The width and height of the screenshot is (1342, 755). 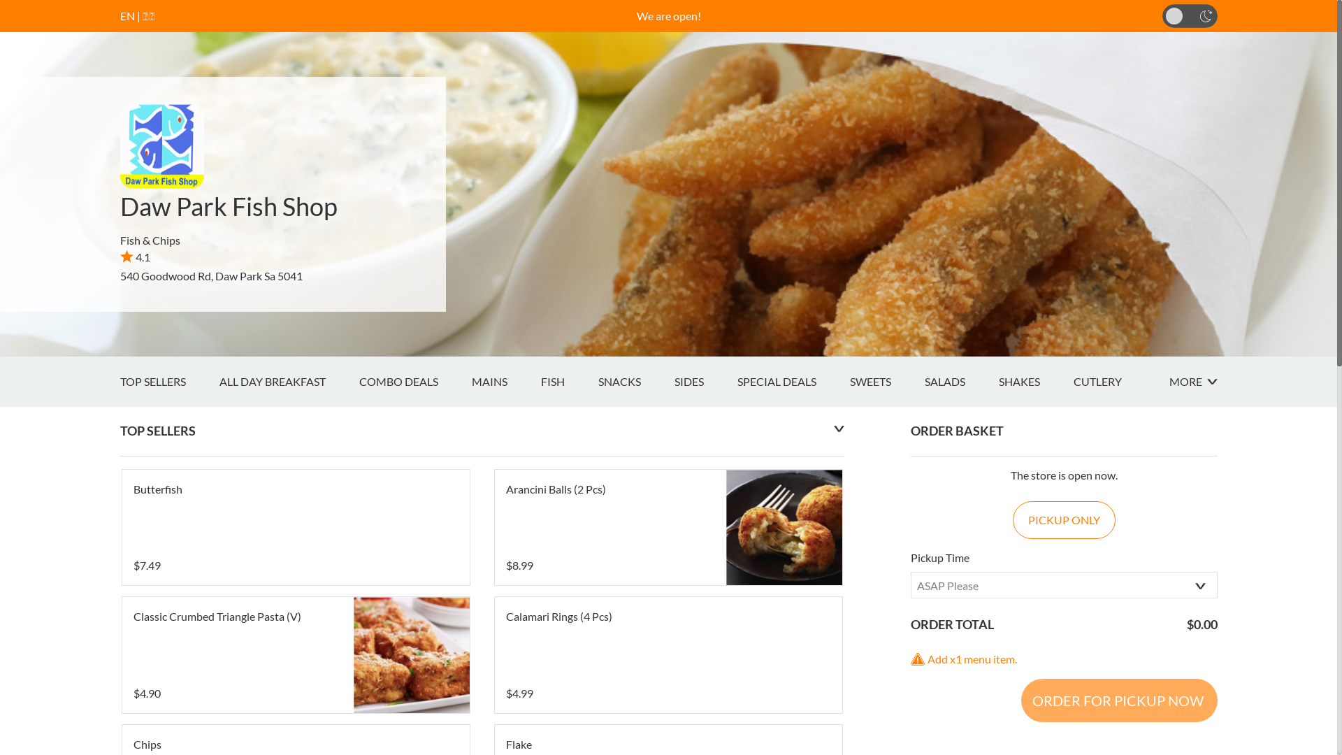 What do you see at coordinates (1118, 700) in the screenshot?
I see `'ORDER FOR PICKUP NOW '` at bounding box center [1118, 700].